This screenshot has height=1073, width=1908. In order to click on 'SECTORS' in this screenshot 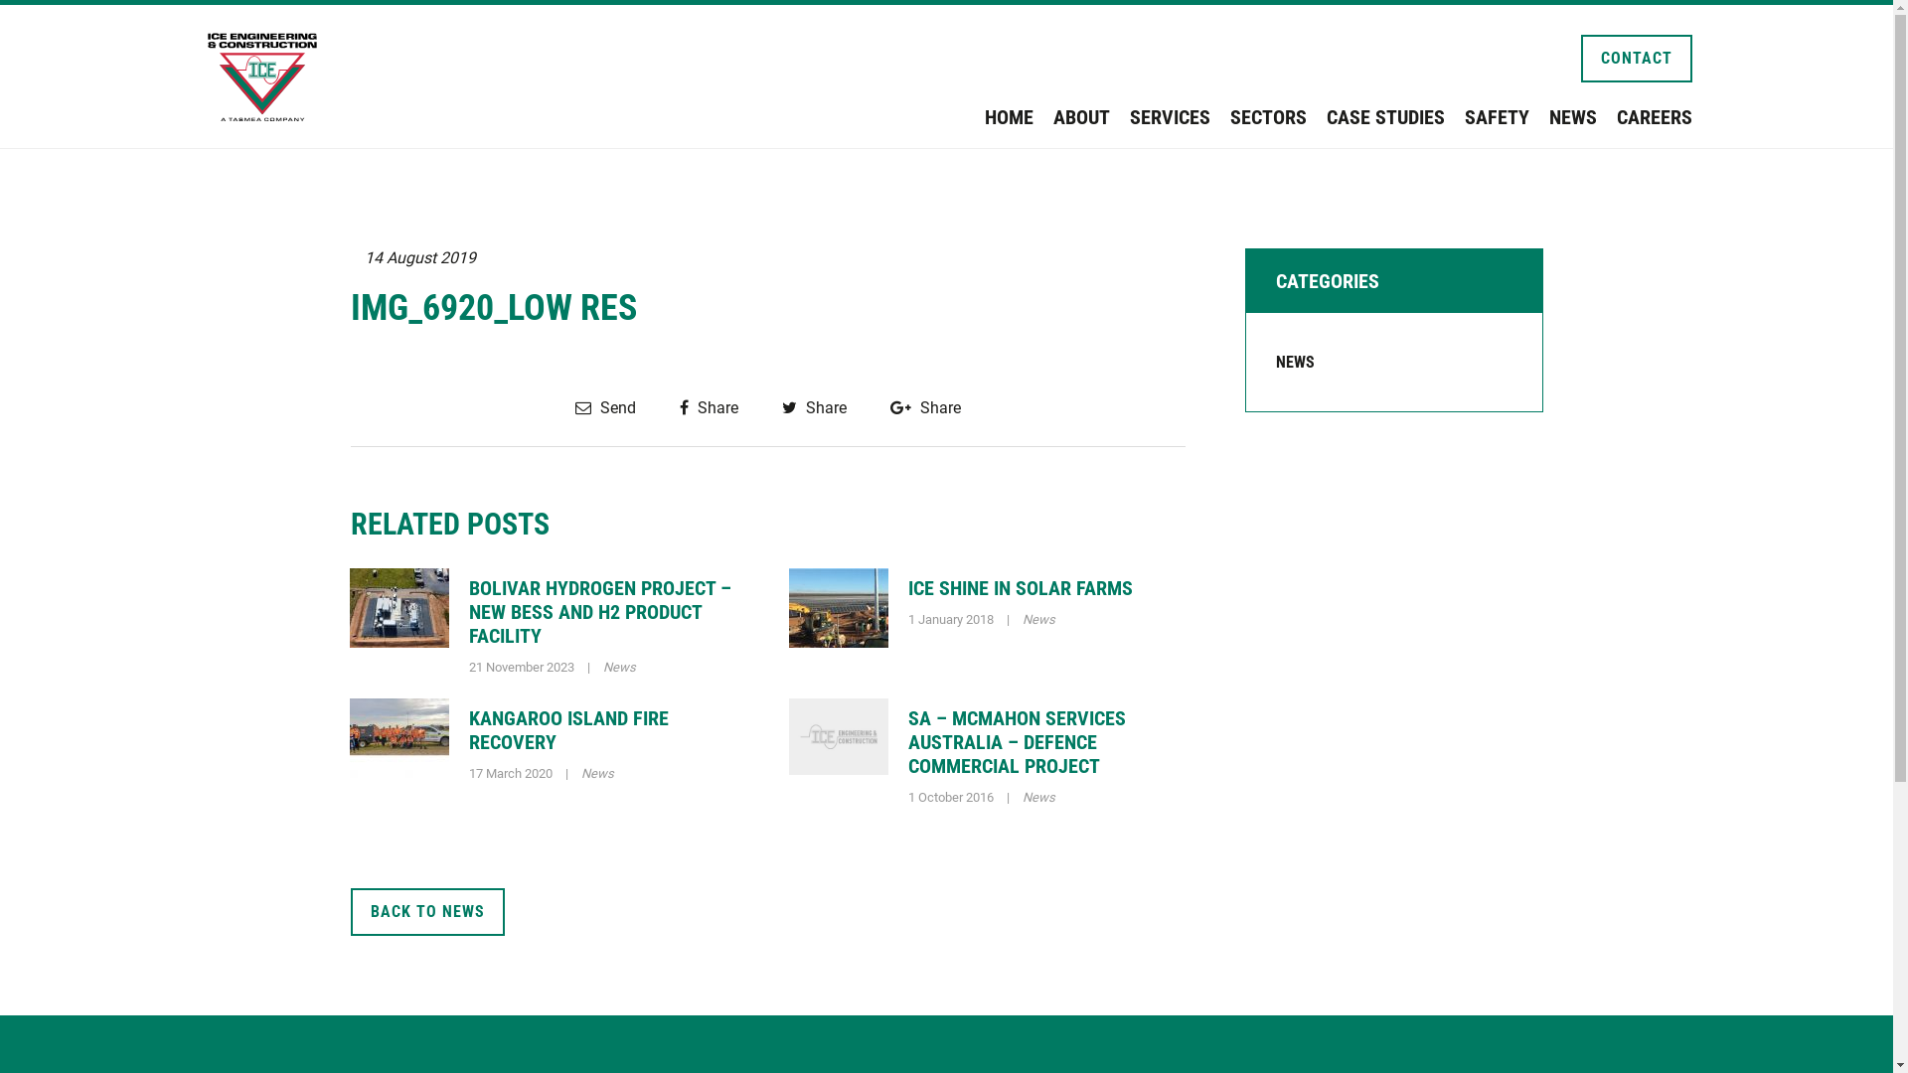, I will do `click(1267, 117)`.